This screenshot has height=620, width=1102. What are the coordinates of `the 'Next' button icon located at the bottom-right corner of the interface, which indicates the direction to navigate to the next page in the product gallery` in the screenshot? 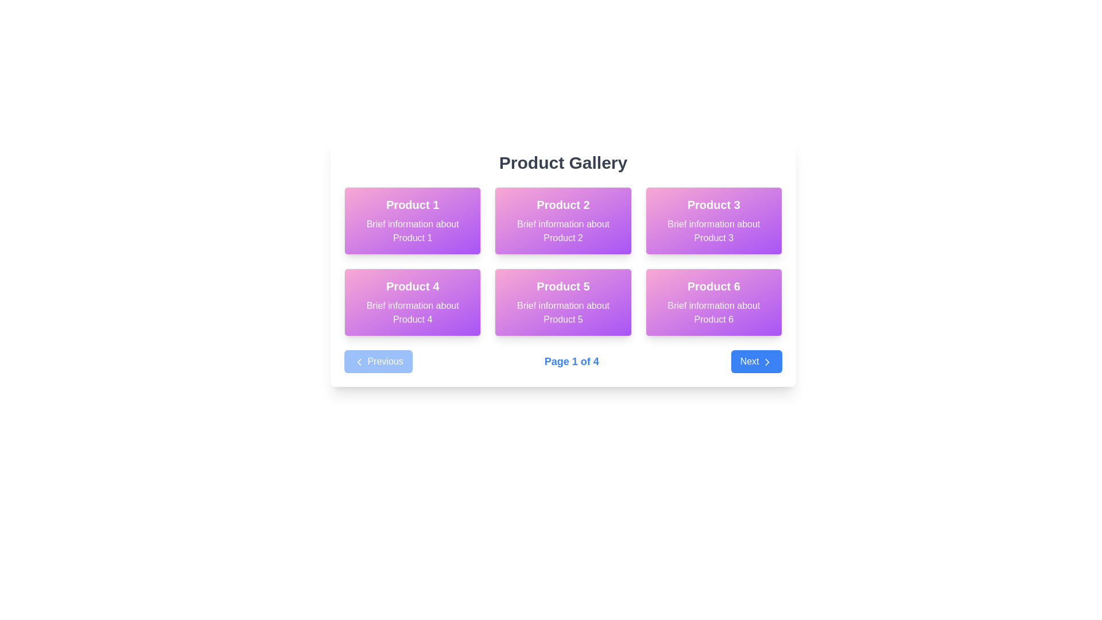 It's located at (767, 362).